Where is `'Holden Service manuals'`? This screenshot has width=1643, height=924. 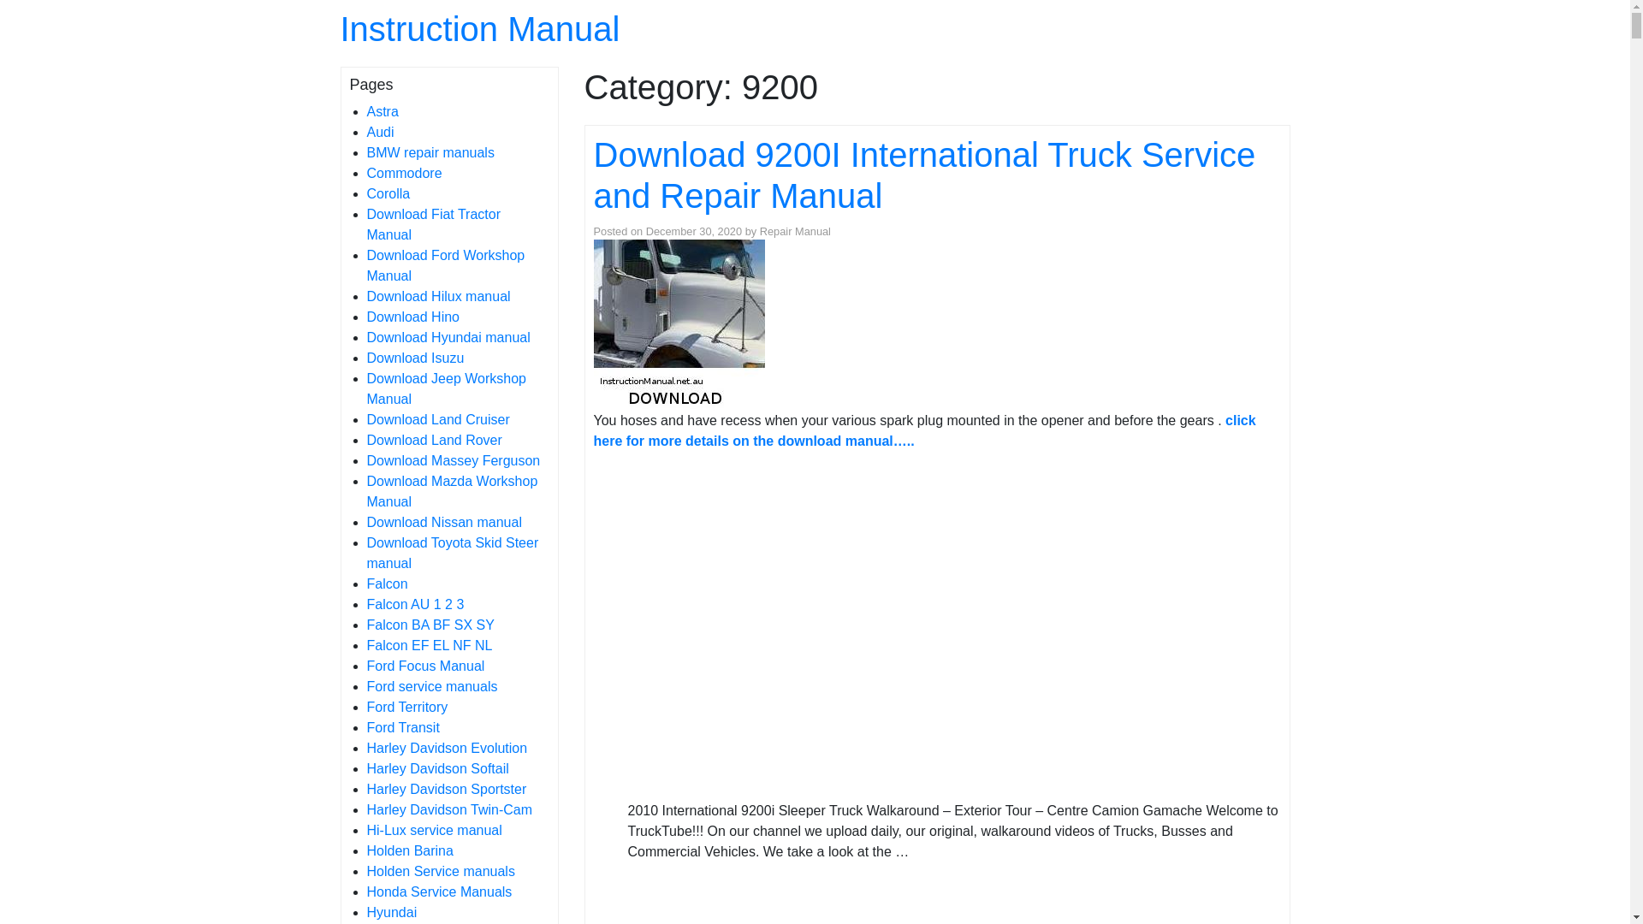
'Holden Service manuals' is located at coordinates (365, 871).